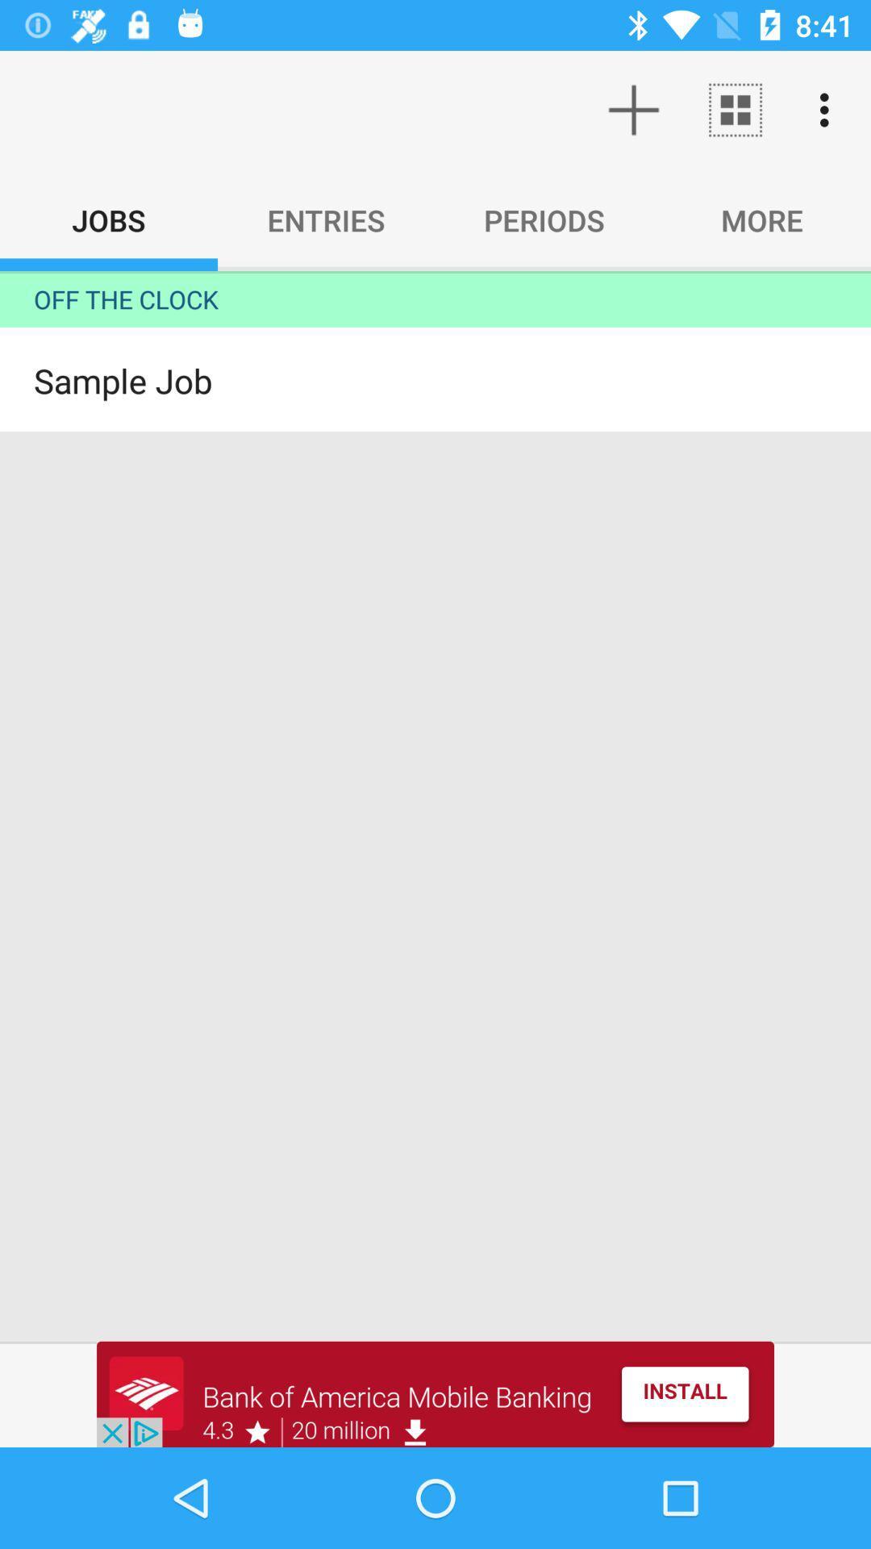  What do you see at coordinates (435, 1393) in the screenshot?
I see `advertisement page` at bounding box center [435, 1393].